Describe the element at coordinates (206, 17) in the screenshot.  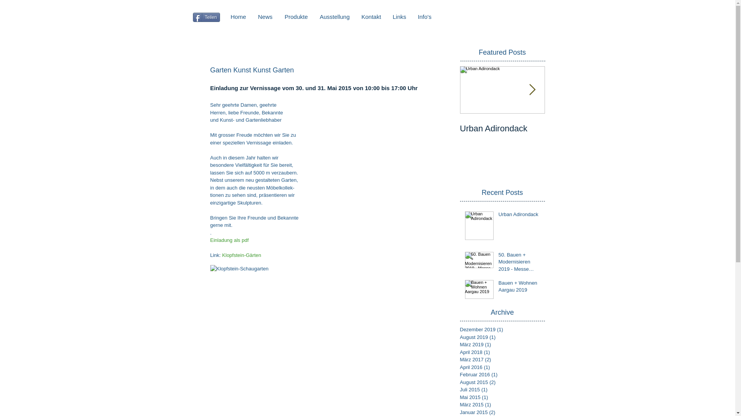
I see `'Teilen'` at that location.